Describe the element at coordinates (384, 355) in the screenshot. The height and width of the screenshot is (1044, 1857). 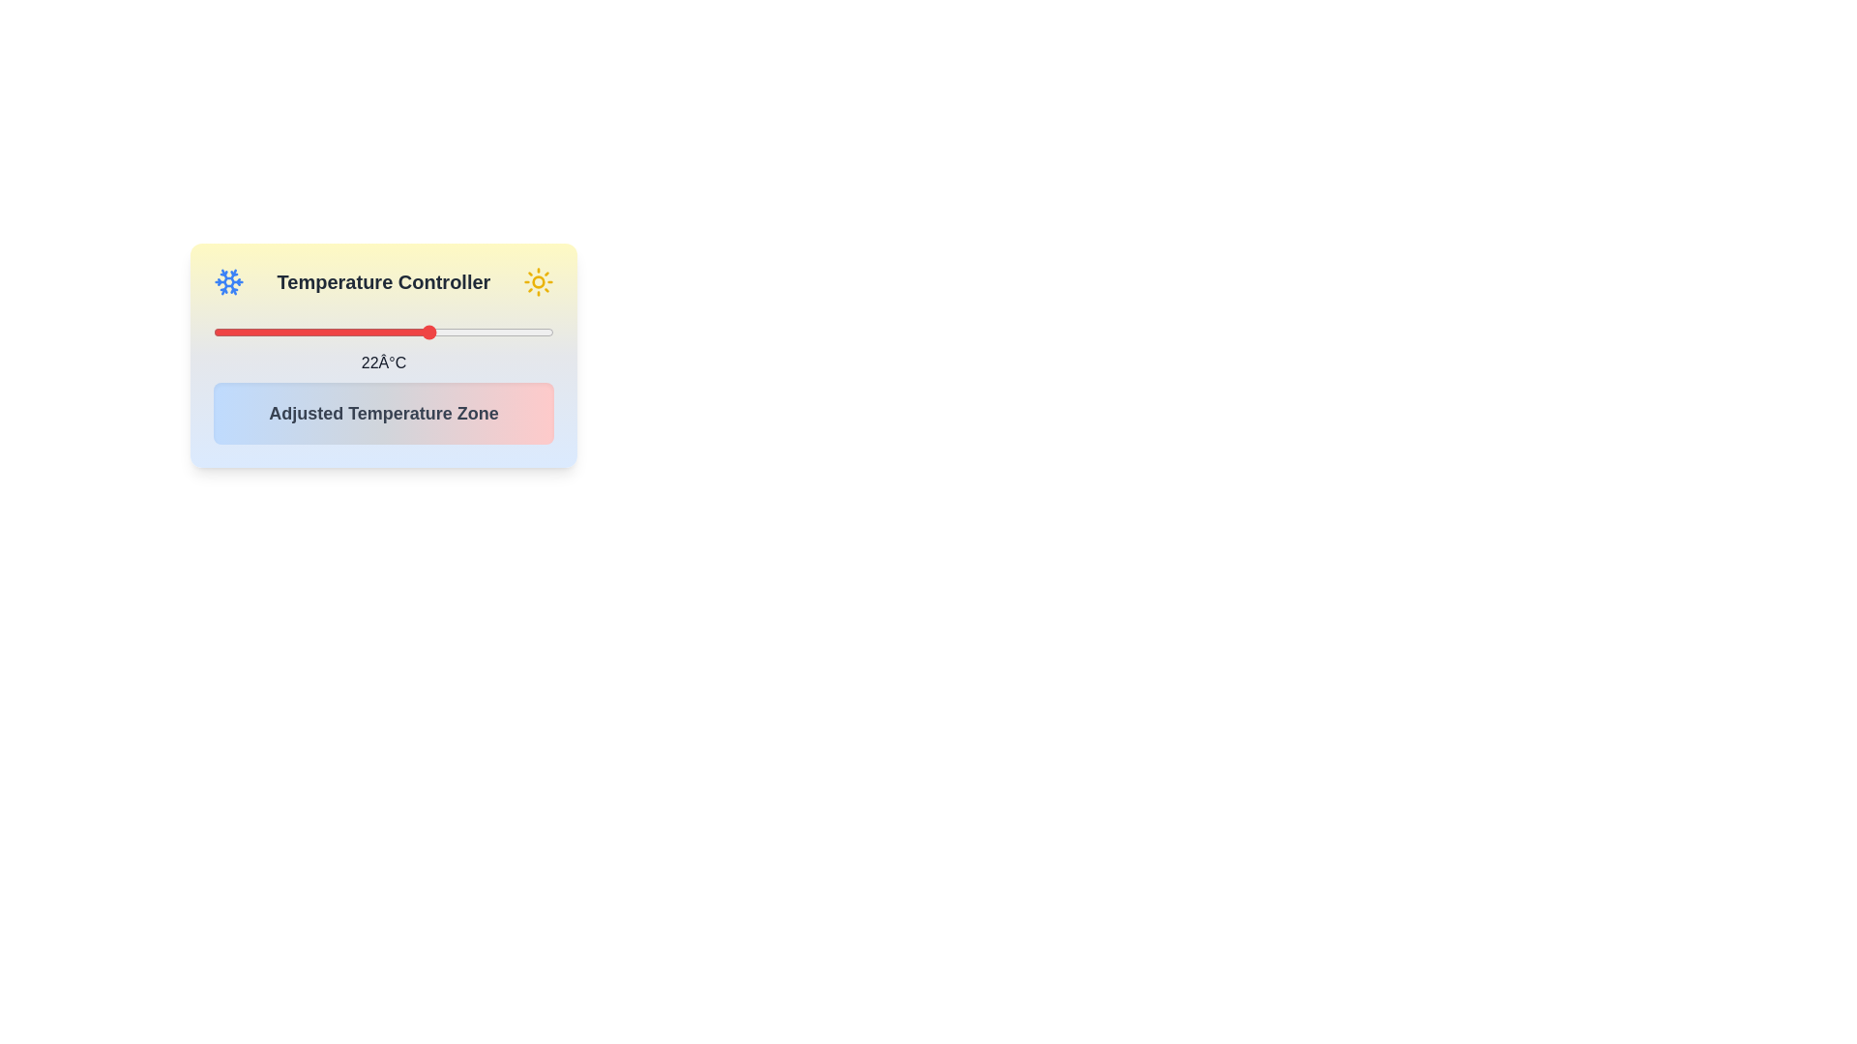
I see `displayed temperature information from the 'Temperature Controller' panel, which features a slider and labels showing '22°C' and 'Adjusted Temperature Zone'` at that location.